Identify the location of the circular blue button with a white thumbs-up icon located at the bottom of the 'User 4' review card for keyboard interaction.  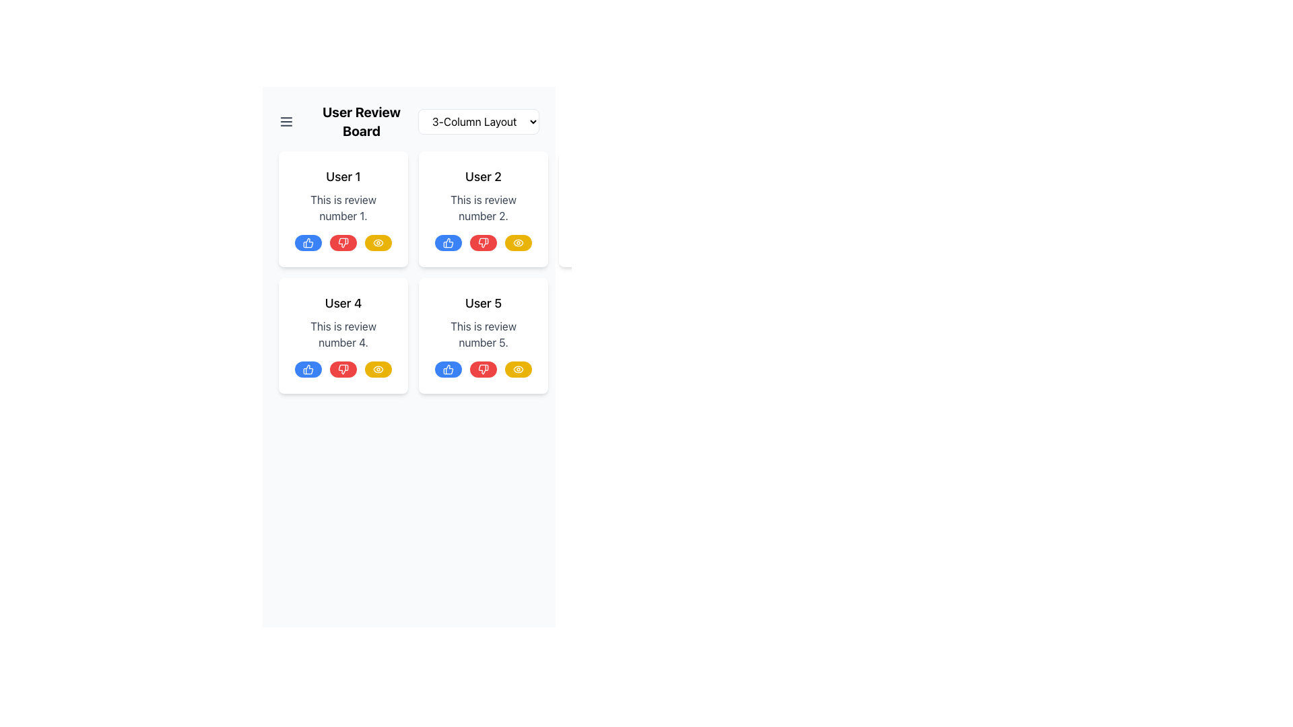
(307, 369).